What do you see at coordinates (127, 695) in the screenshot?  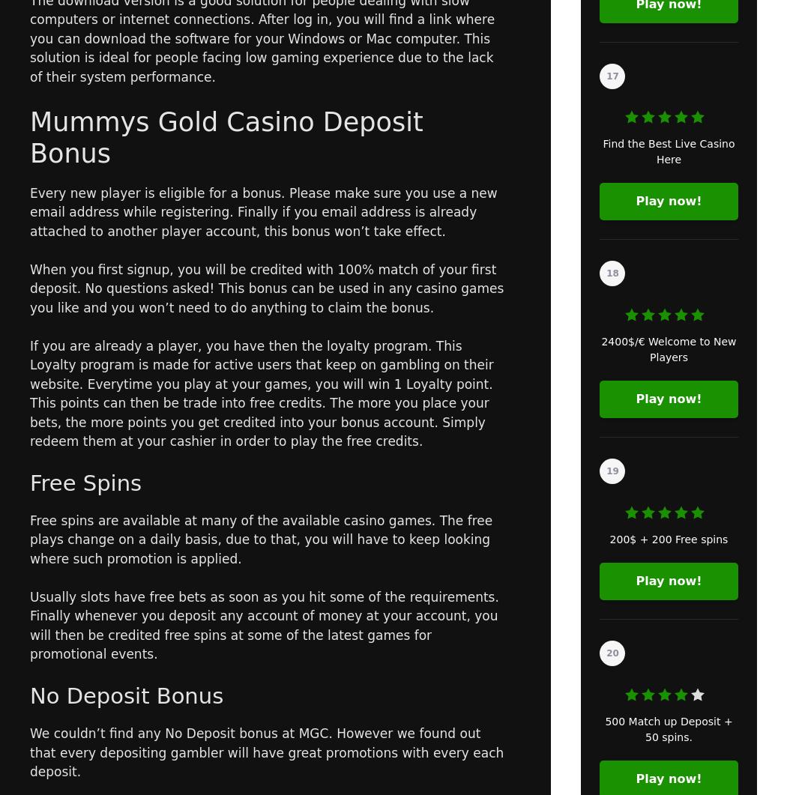 I see `'No Deposit Bonus'` at bounding box center [127, 695].